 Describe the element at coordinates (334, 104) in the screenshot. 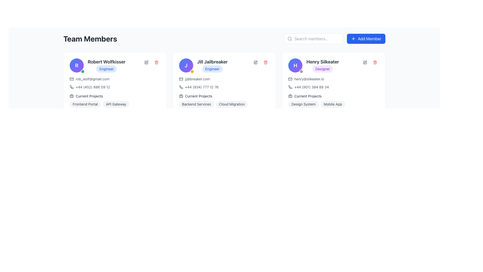

I see `the pill-shaped elements labeled 'Design System' and 'Mobile App' located in the 'Current Projects' section of Henry Silkeater's card to potentially reveal more information` at that location.